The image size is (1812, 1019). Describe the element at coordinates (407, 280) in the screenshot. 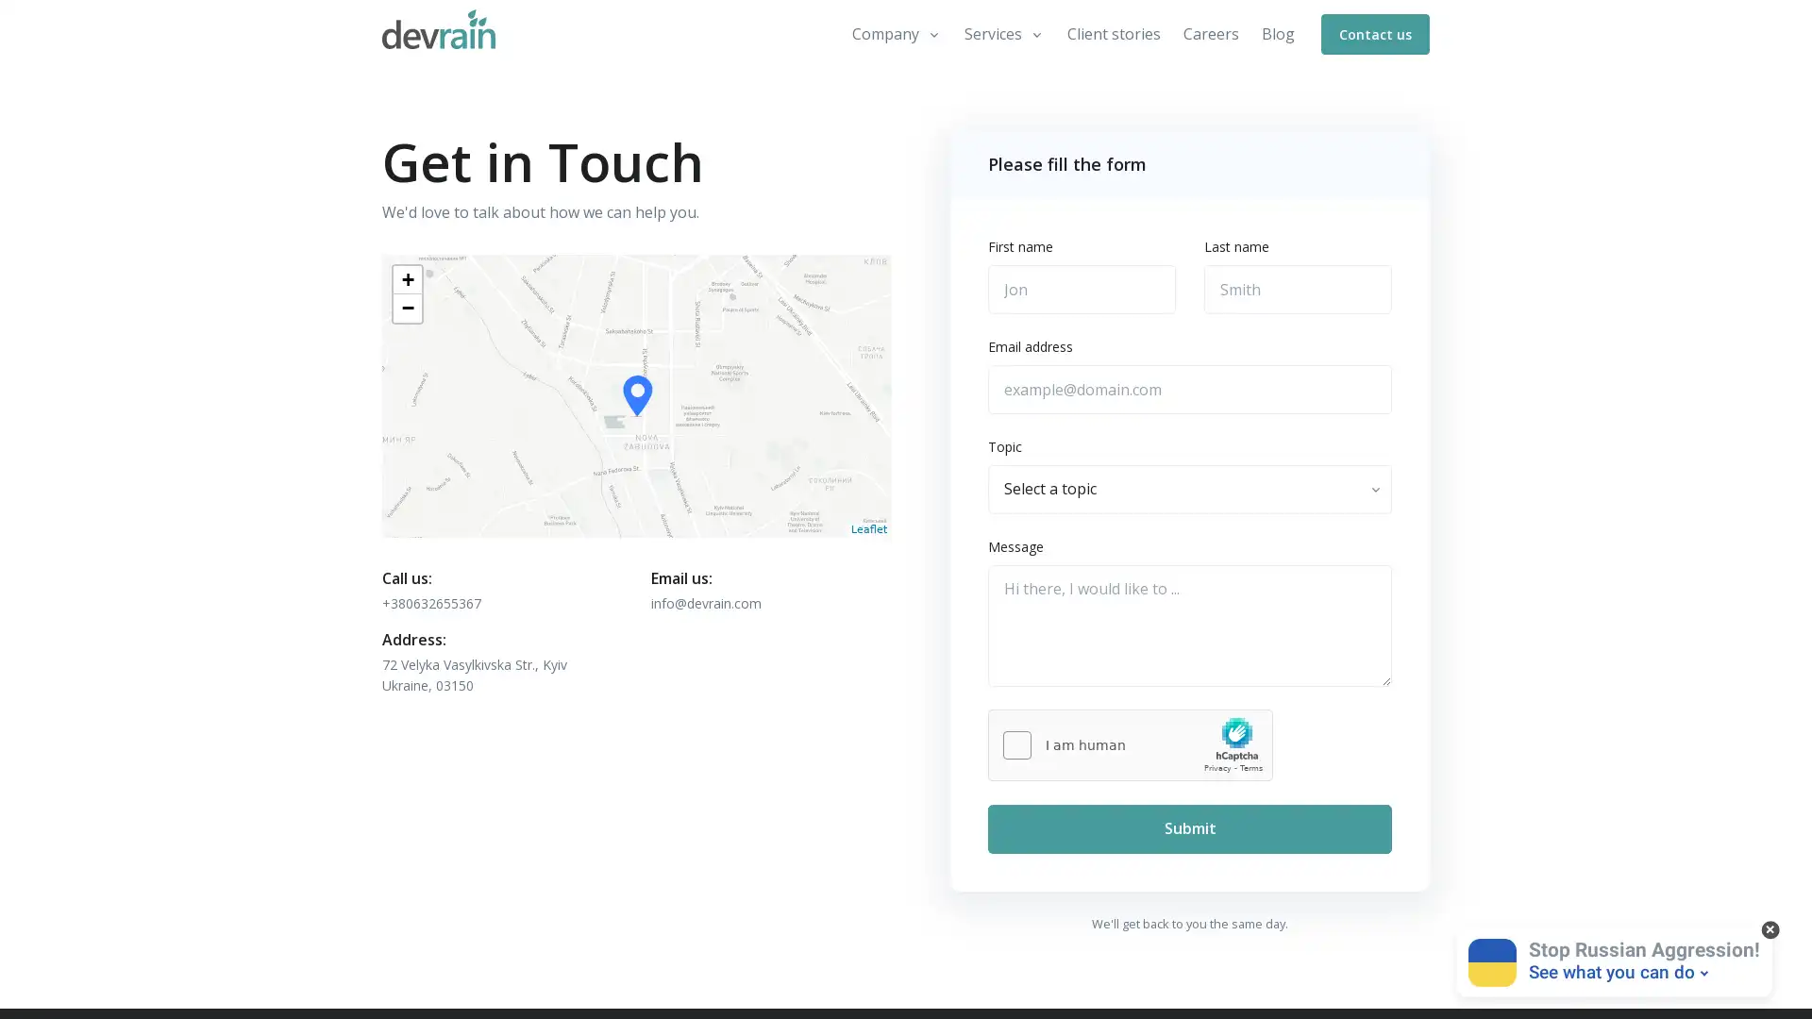

I see `Zoom in` at that location.